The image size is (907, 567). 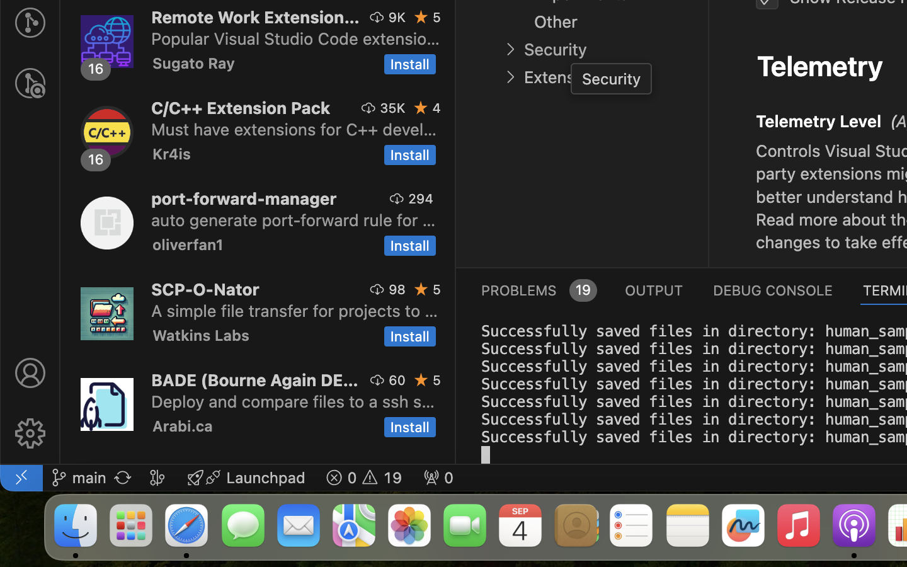 What do you see at coordinates (243, 198) in the screenshot?
I see `'port-forward-manager'` at bounding box center [243, 198].